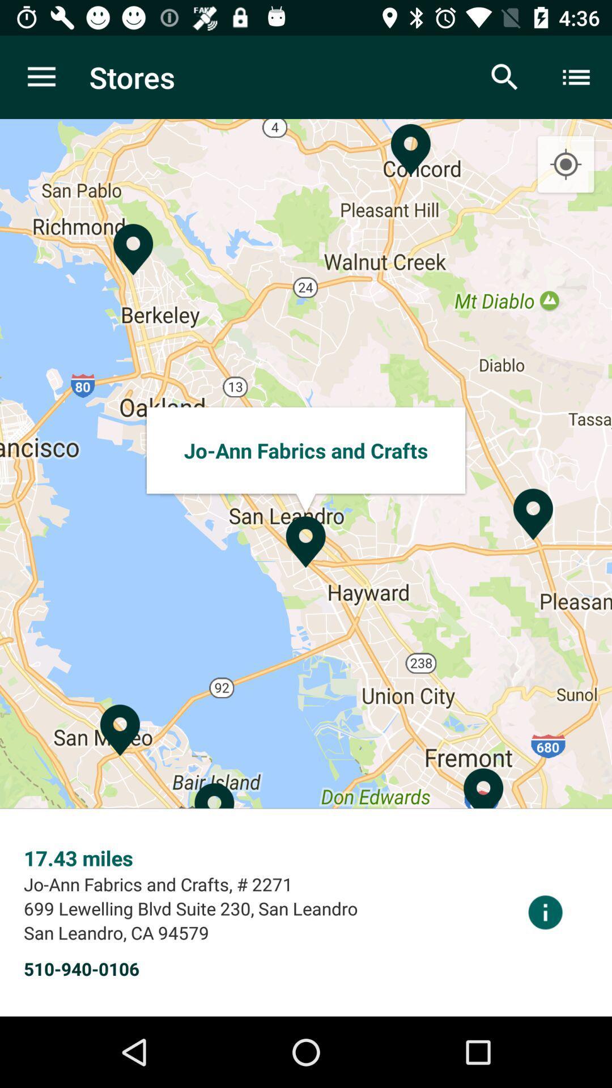 This screenshot has height=1088, width=612. Describe the element at coordinates (566, 164) in the screenshot. I see `the location_crosshair icon` at that location.